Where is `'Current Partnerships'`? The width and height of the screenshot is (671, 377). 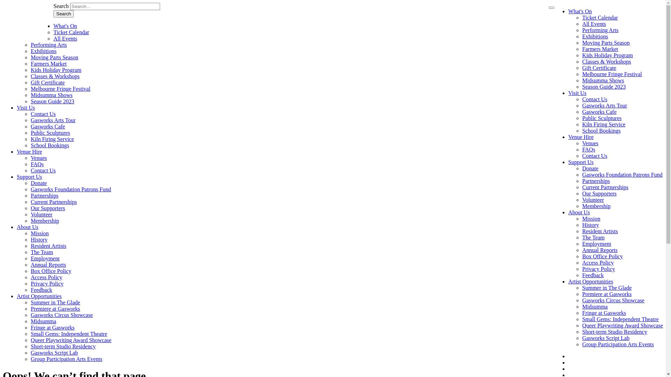 'Current Partnerships' is located at coordinates (605, 187).